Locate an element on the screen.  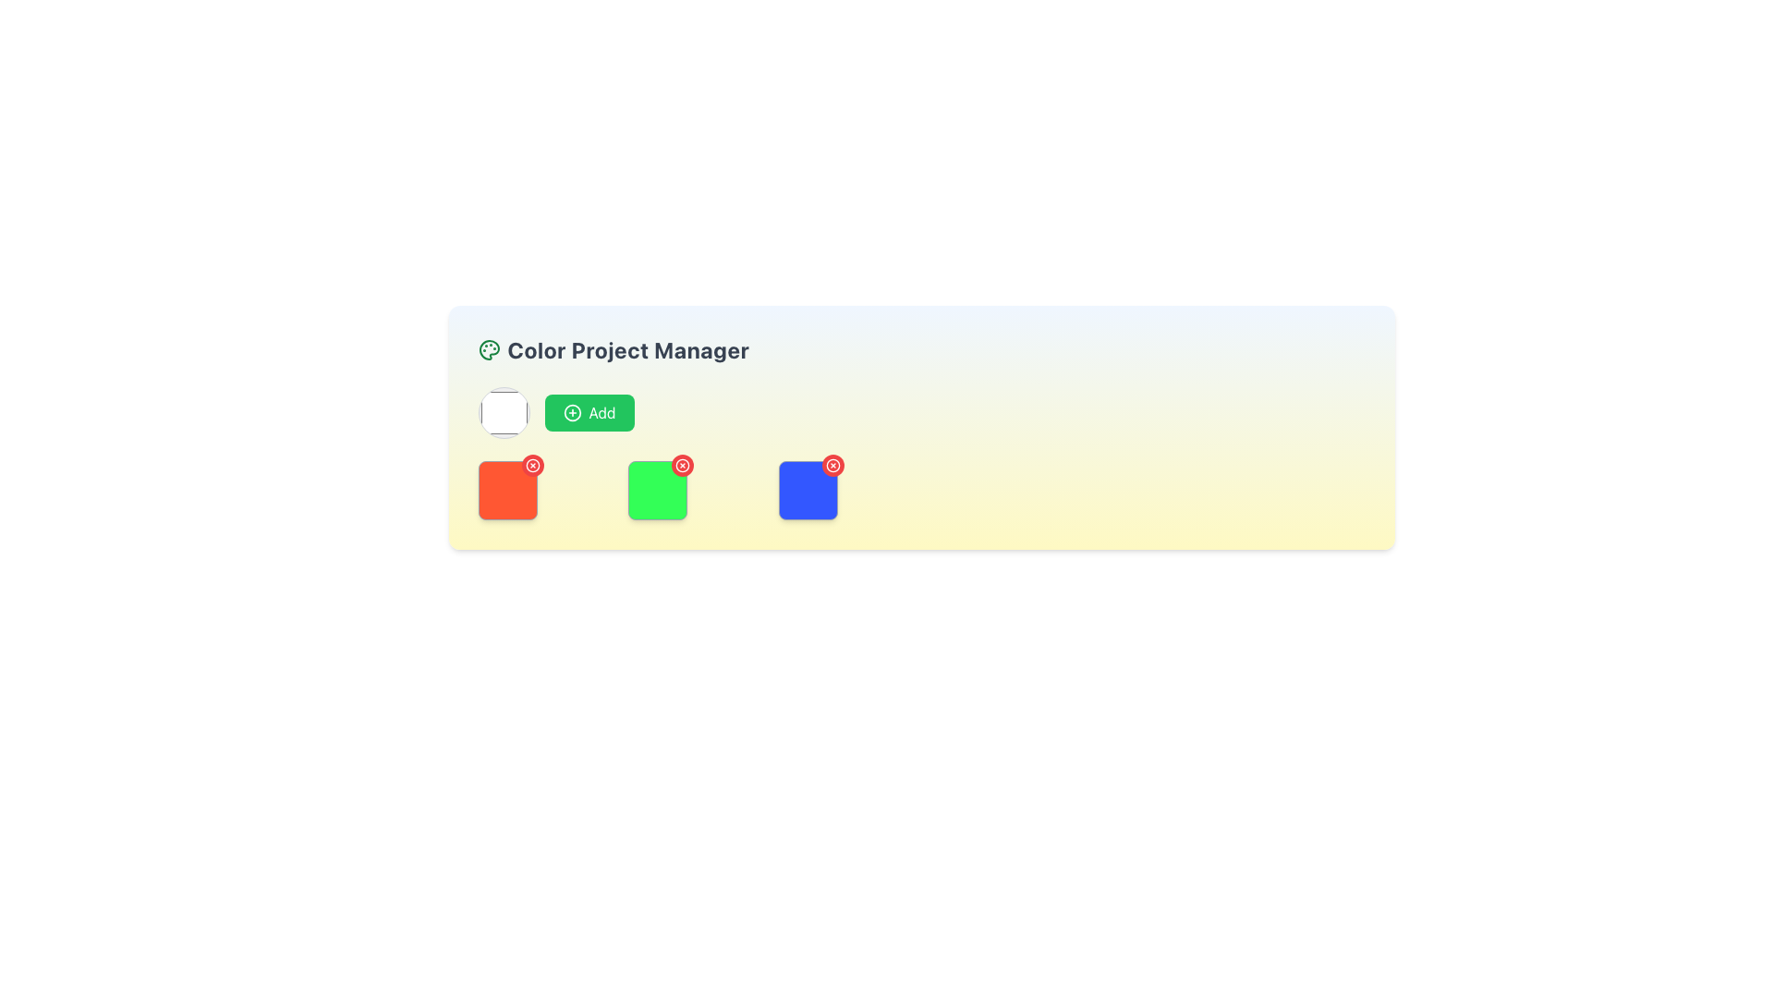
the circular color picker or selector element located at the start of the row in the 'Color Project Manager' section is located at coordinates (504, 412).